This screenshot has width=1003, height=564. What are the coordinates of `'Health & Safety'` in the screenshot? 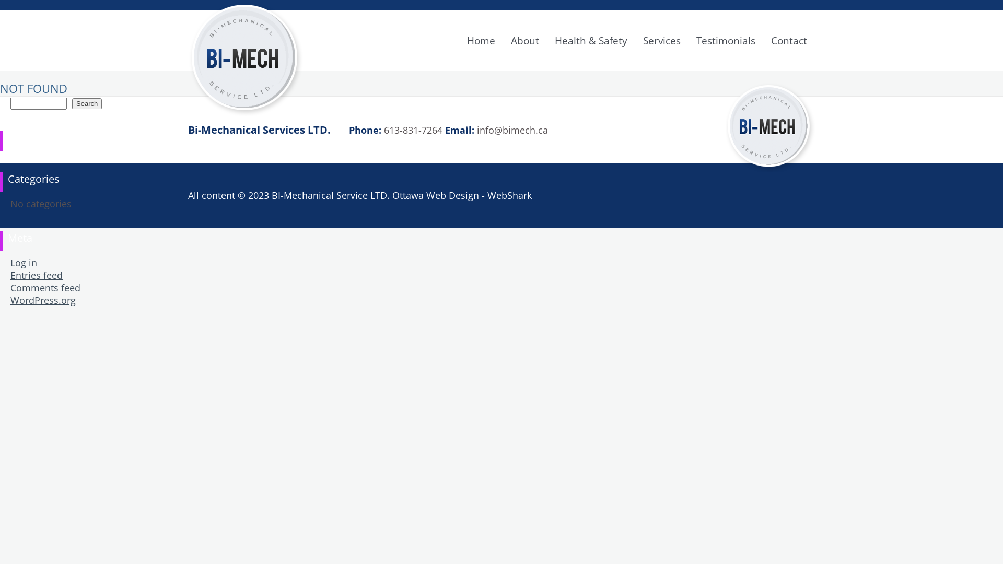 It's located at (591, 40).